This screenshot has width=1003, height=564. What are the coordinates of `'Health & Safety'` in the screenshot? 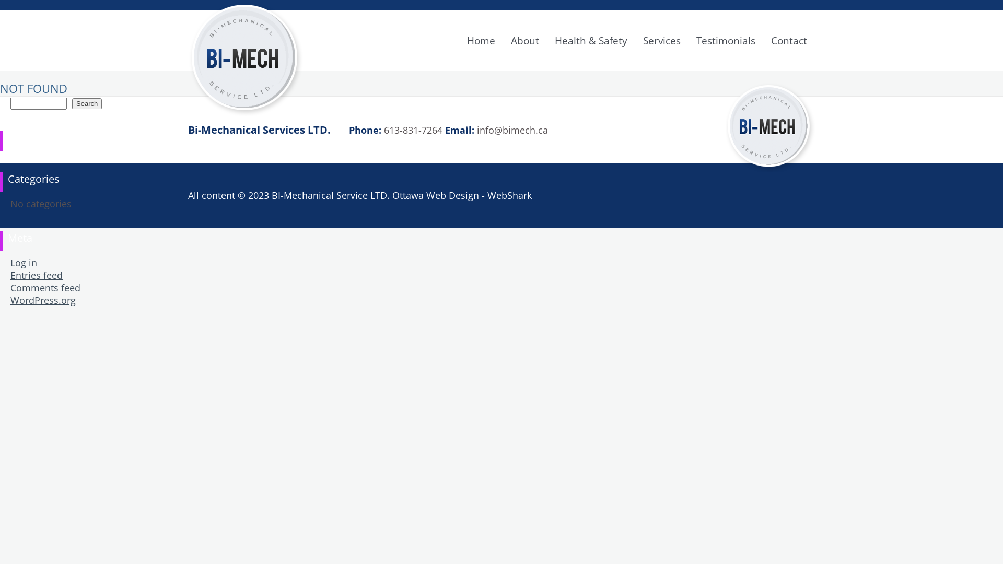 It's located at (591, 40).